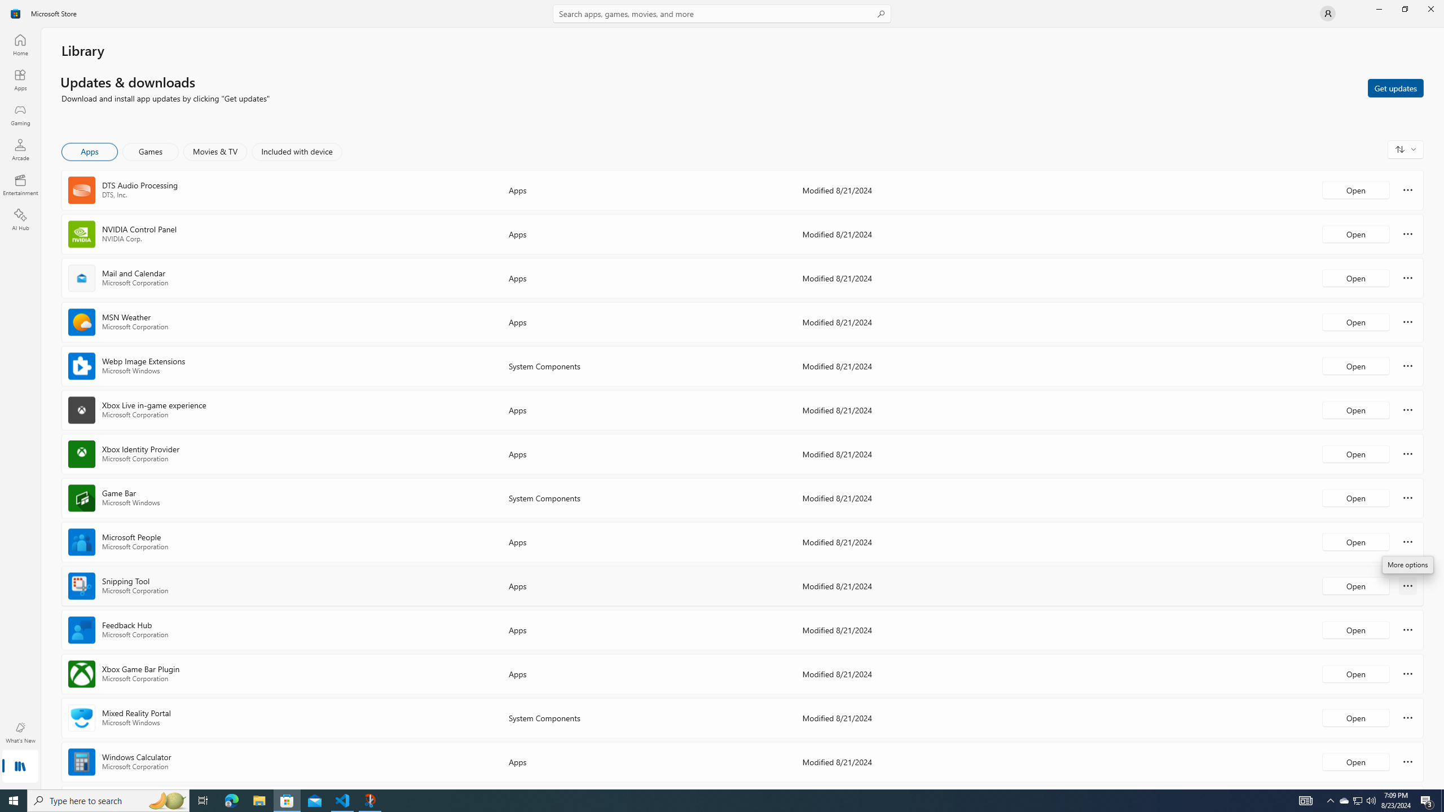 This screenshot has height=812, width=1444. What do you see at coordinates (214, 151) in the screenshot?
I see `'Movies & TV'` at bounding box center [214, 151].